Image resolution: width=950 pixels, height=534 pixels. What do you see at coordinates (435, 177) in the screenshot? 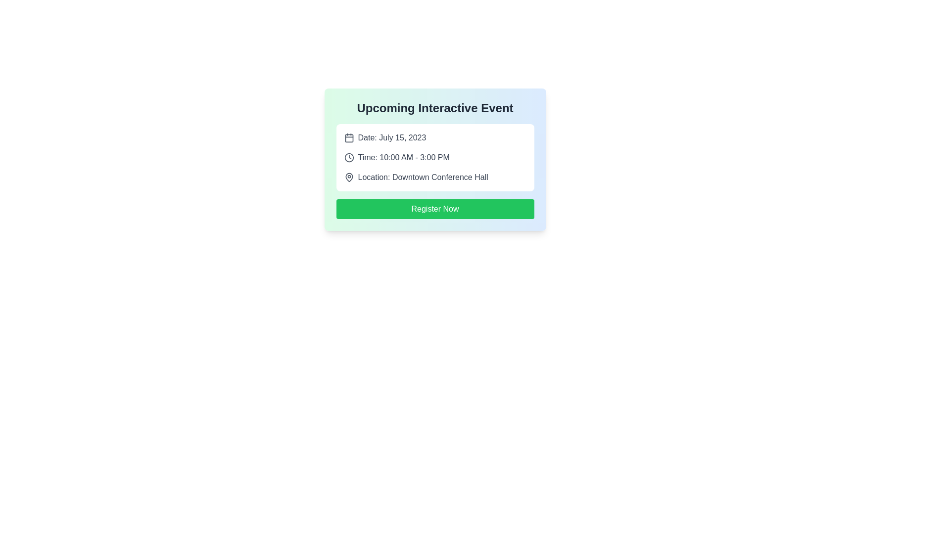
I see `the label with the text 'Location: Downtown Conference Hall' and a map pin icon, which is the last entry in a vertical list of elements` at bounding box center [435, 177].